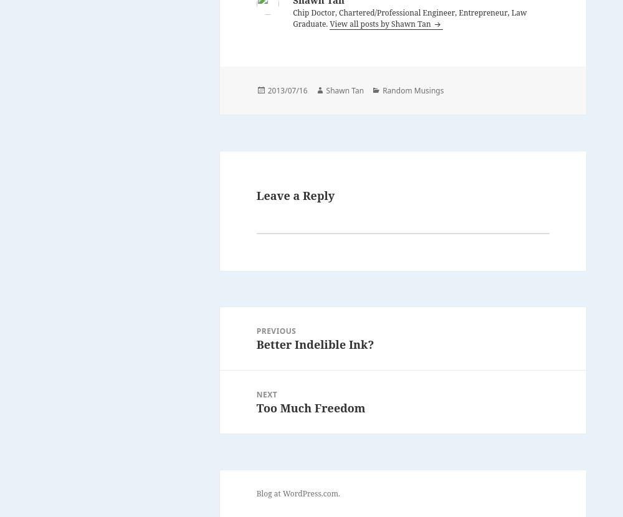  Describe the element at coordinates (310, 407) in the screenshot. I see `'Too Much Freedom'` at that location.